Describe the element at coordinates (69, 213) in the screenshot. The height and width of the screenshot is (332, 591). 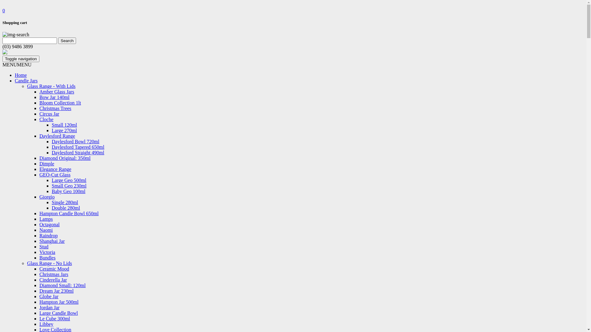
I see `'Hampton Candle Bowl 650ml'` at that location.